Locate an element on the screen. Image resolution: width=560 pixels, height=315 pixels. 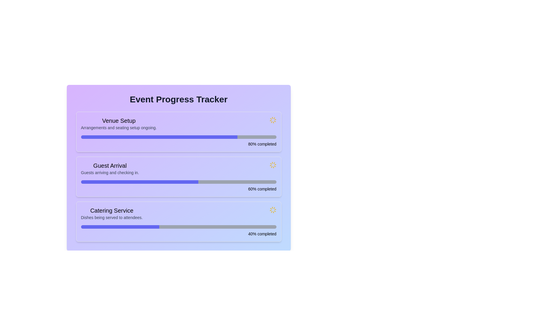
the Loader Icon, which serves as a loading indicator for the 'Catering Service' section in the progress tracker interface is located at coordinates (272, 213).